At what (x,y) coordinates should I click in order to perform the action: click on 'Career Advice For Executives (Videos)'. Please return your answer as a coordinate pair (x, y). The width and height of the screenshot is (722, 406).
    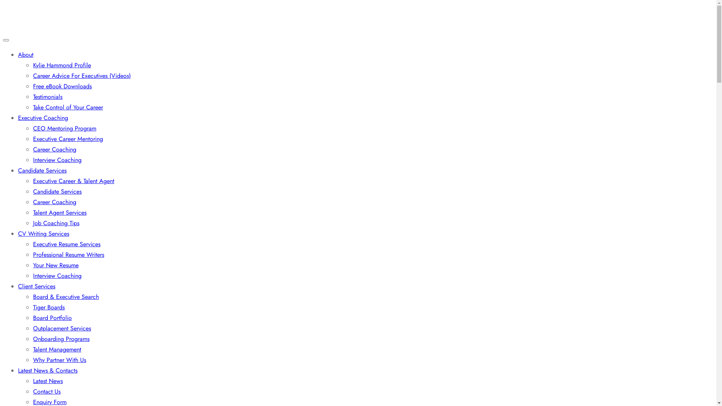
    Looking at the image, I should click on (82, 76).